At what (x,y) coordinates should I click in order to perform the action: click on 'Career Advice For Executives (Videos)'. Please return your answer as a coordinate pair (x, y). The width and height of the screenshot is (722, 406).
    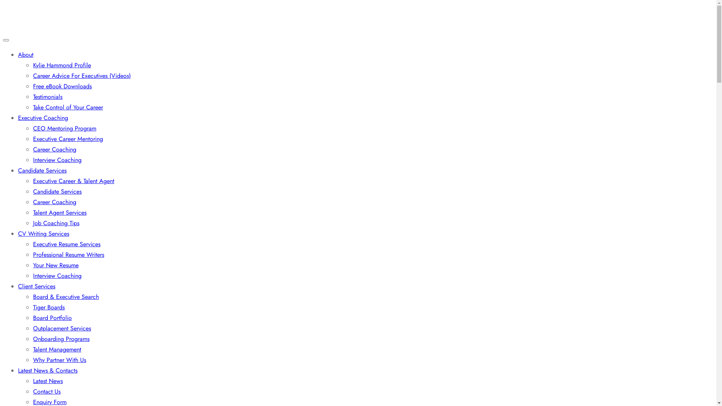
    Looking at the image, I should click on (82, 76).